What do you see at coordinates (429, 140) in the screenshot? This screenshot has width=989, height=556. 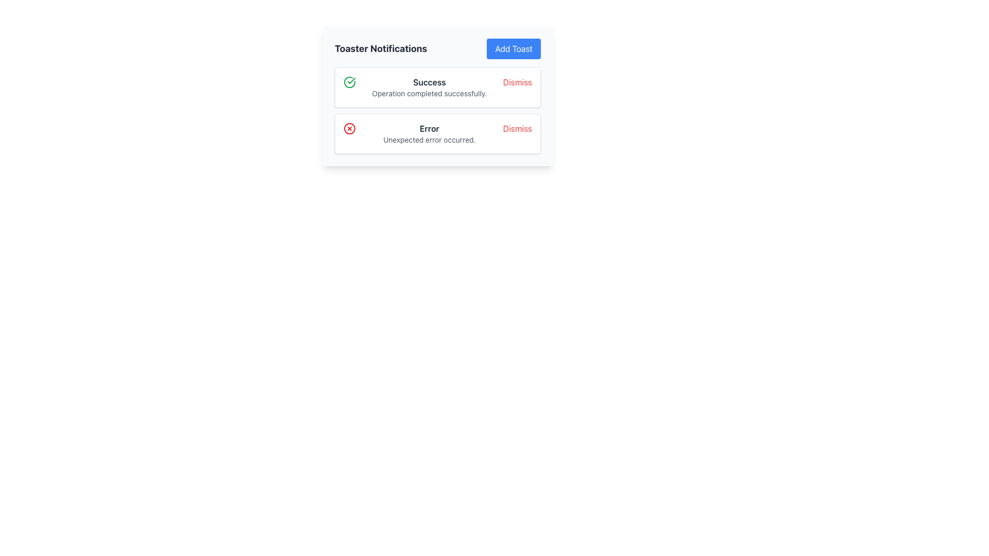 I see `the Text Label that provides a descriptive message about an unexpected error, positioned directly below the bolded text 'Error' in the notification card` at bounding box center [429, 140].